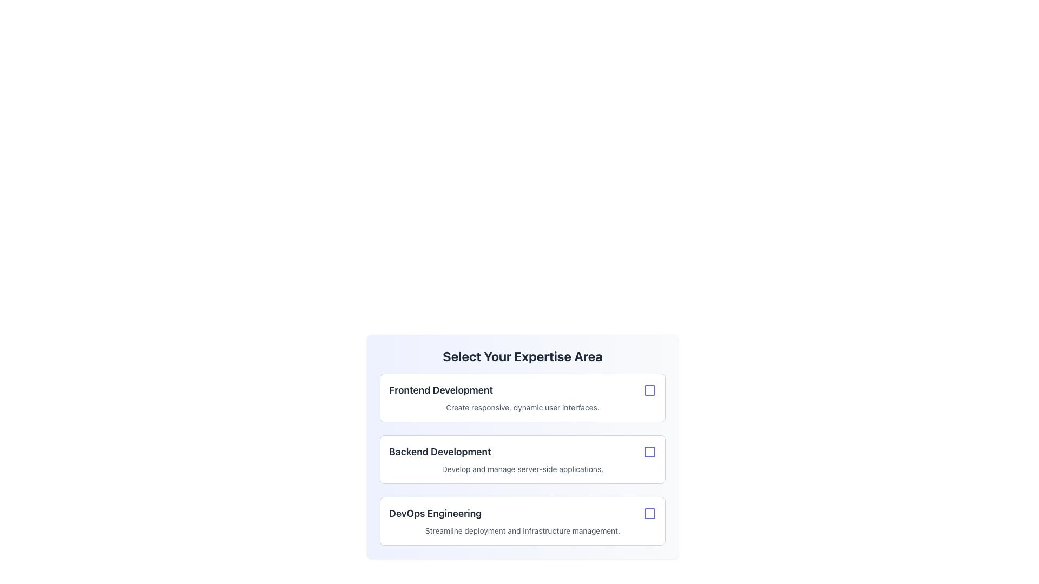 This screenshot has width=1039, height=584. What do you see at coordinates (649, 513) in the screenshot?
I see `the Checkbox indicator associated with the 'DevOps Engineering' option` at bounding box center [649, 513].